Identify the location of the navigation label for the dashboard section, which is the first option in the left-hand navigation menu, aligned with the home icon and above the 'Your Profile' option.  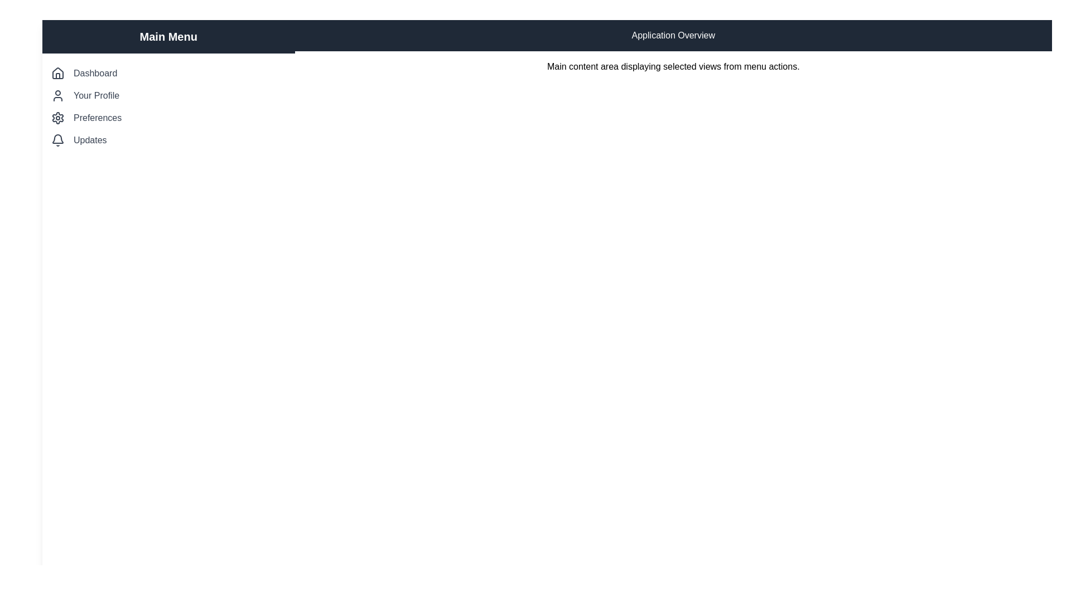
(95, 73).